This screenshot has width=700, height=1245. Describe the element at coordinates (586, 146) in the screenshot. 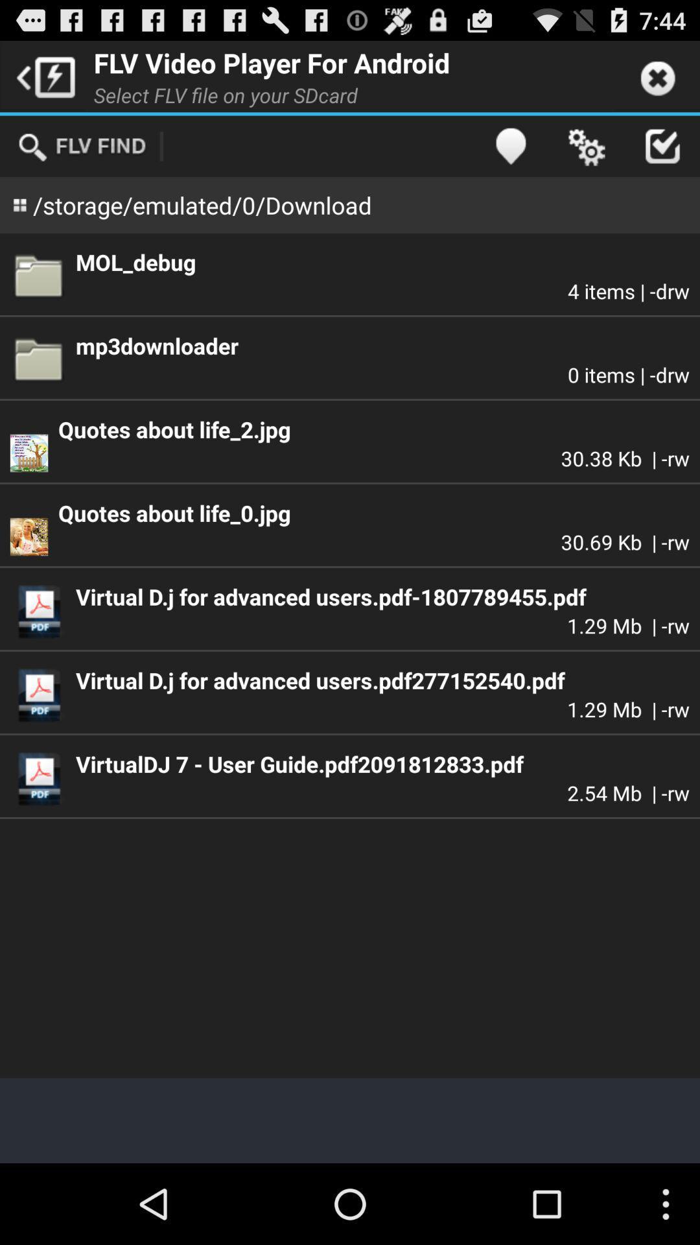

I see `icon above mol_debug app` at that location.